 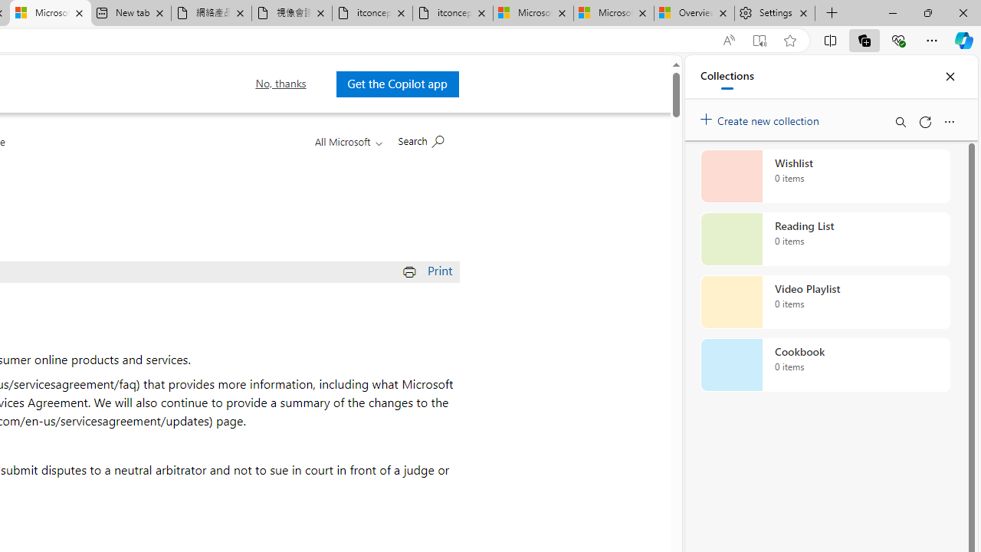 I want to click on 'Overview', so click(x=693, y=13).